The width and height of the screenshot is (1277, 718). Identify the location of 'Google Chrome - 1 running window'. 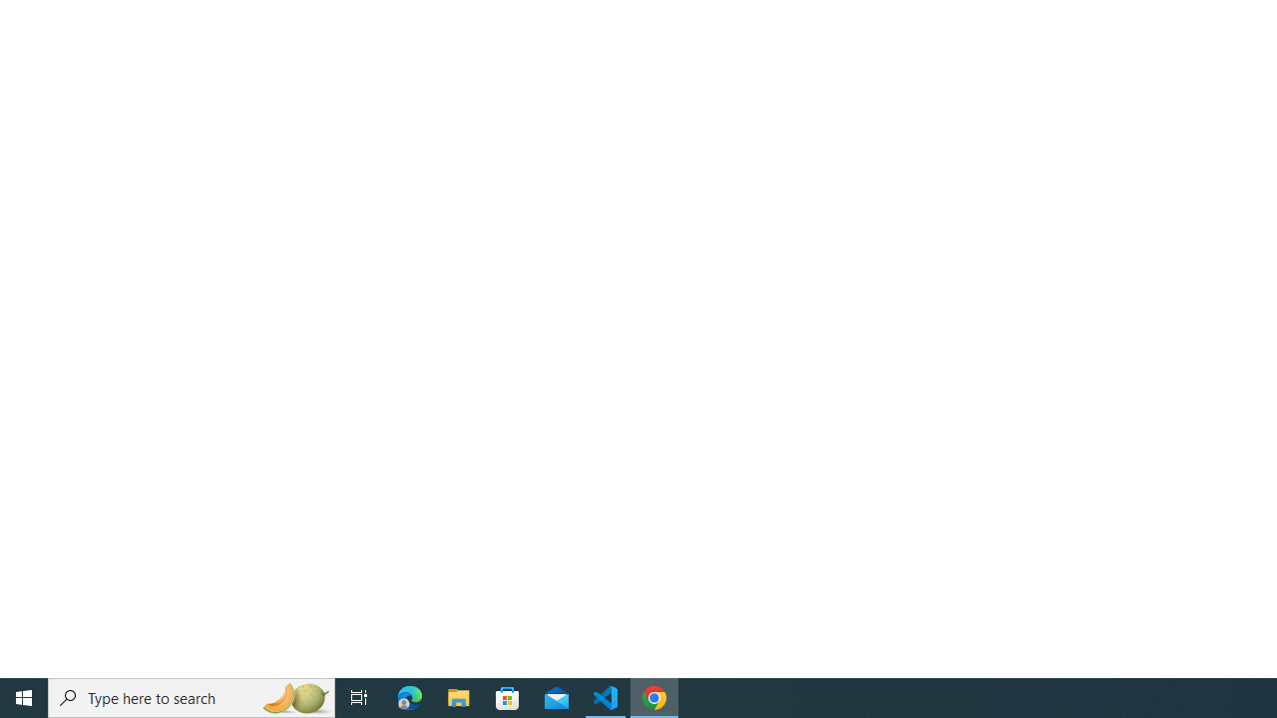
(654, 696).